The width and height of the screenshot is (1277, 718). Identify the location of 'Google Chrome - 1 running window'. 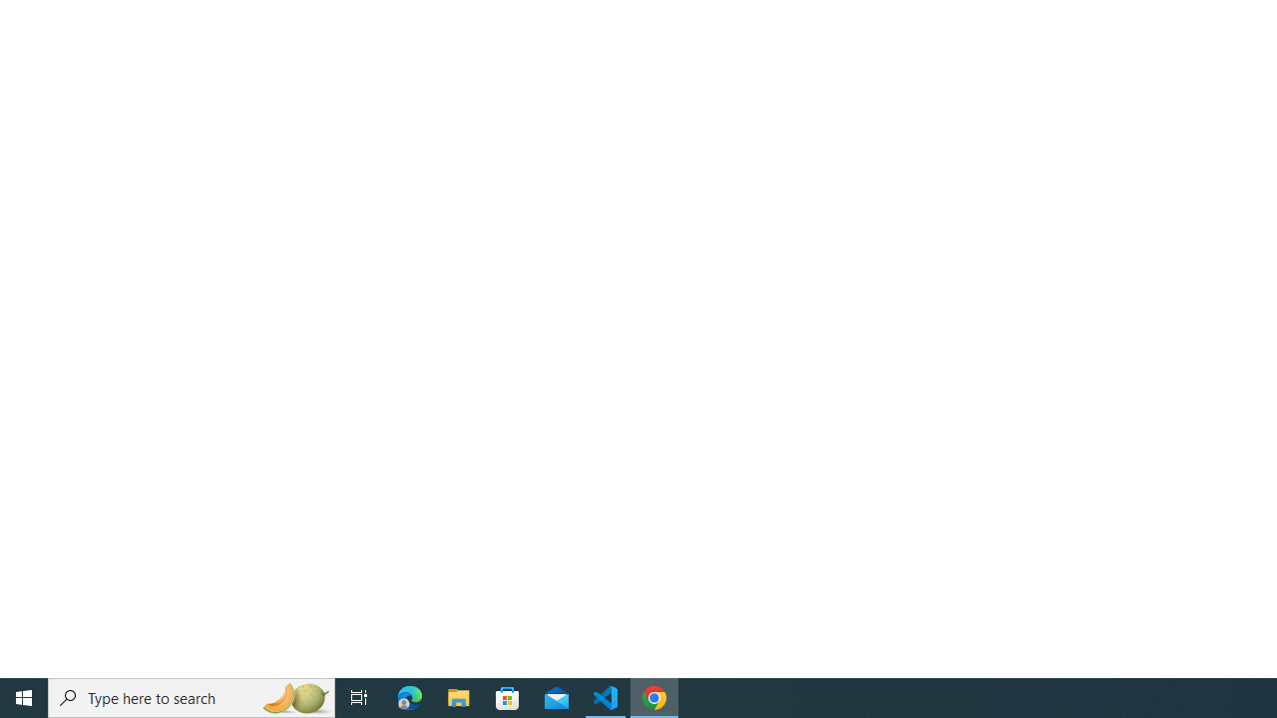
(654, 696).